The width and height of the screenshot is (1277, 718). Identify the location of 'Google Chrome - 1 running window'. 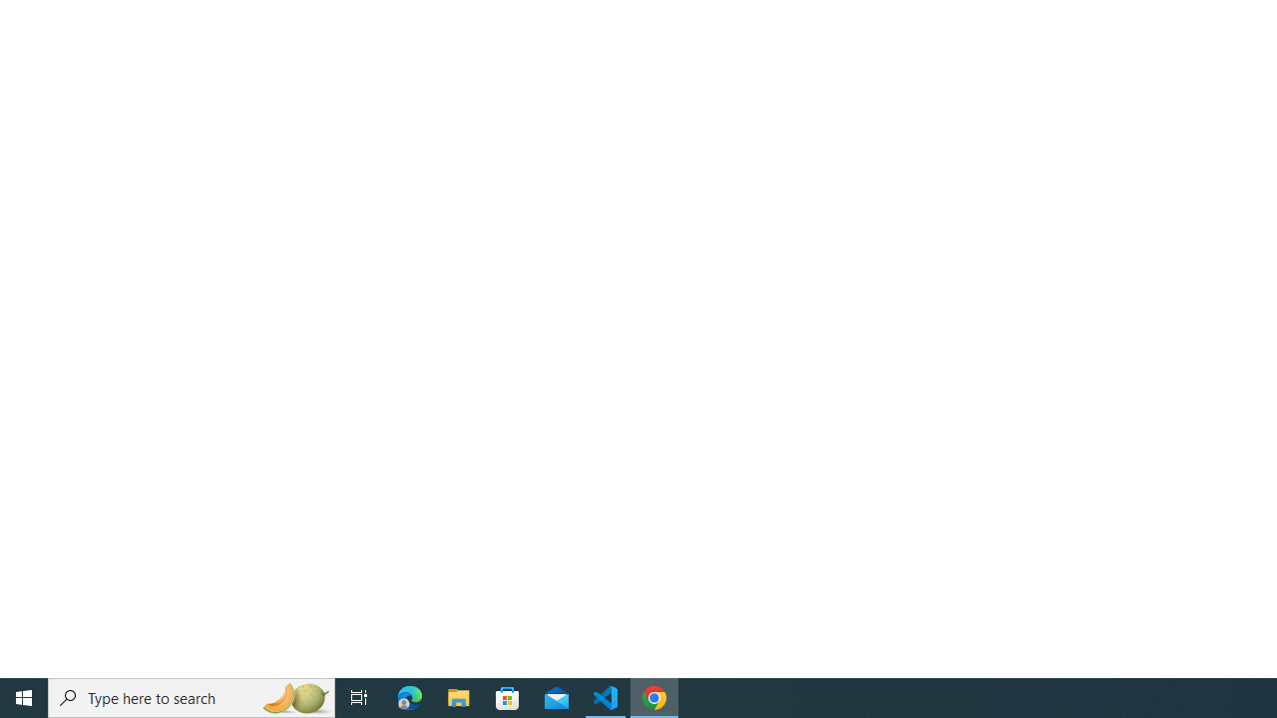
(654, 696).